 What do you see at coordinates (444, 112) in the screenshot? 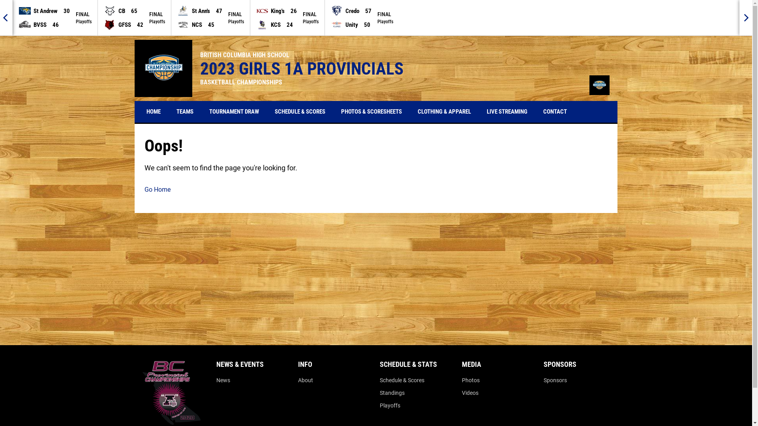
I see `'CLOTHING & APPAREL'` at bounding box center [444, 112].